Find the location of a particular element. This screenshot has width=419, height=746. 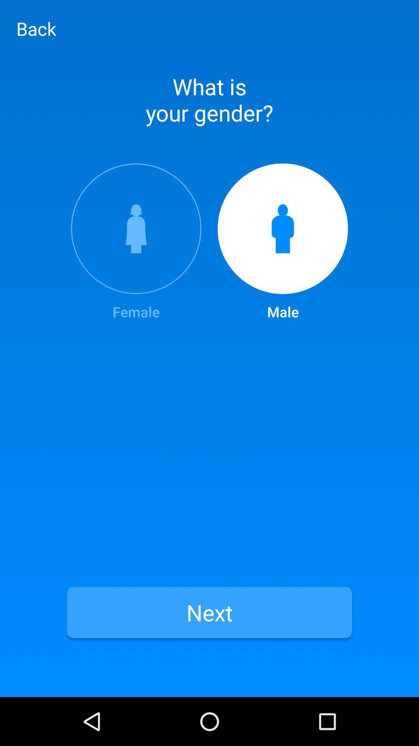

icon above the next item is located at coordinates (136, 242).